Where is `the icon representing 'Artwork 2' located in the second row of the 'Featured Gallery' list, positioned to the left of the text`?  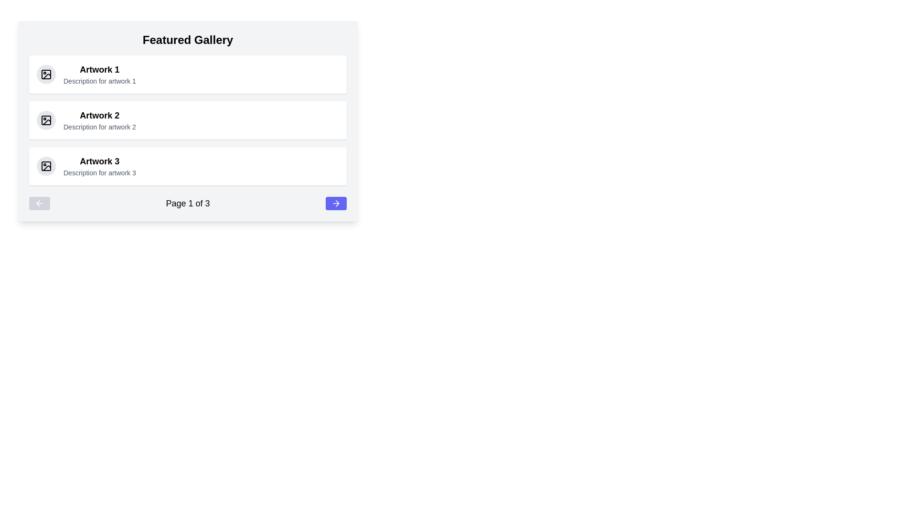
the icon representing 'Artwork 2' located in the second row of the 'Featured Gallery' list, positioned to the left of the text is located at coordinates (45, 119).